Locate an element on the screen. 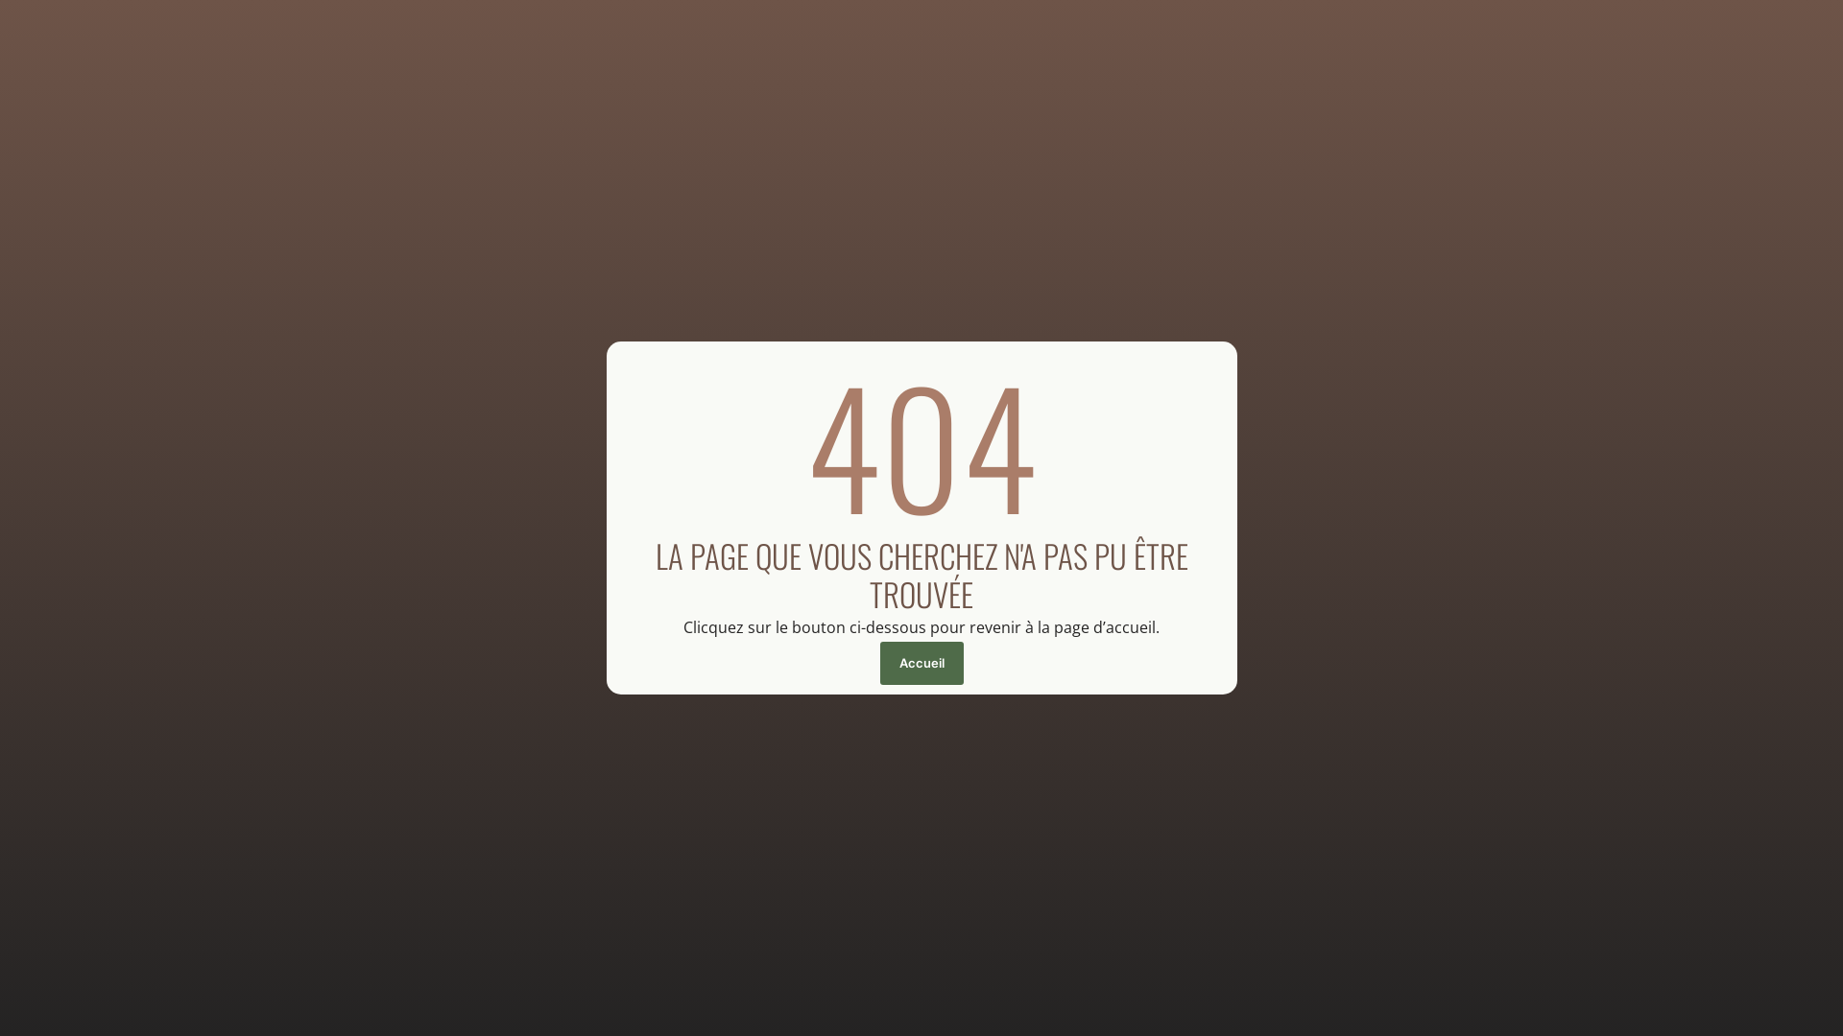  'Accueil' is located at coordinates (878, 662).